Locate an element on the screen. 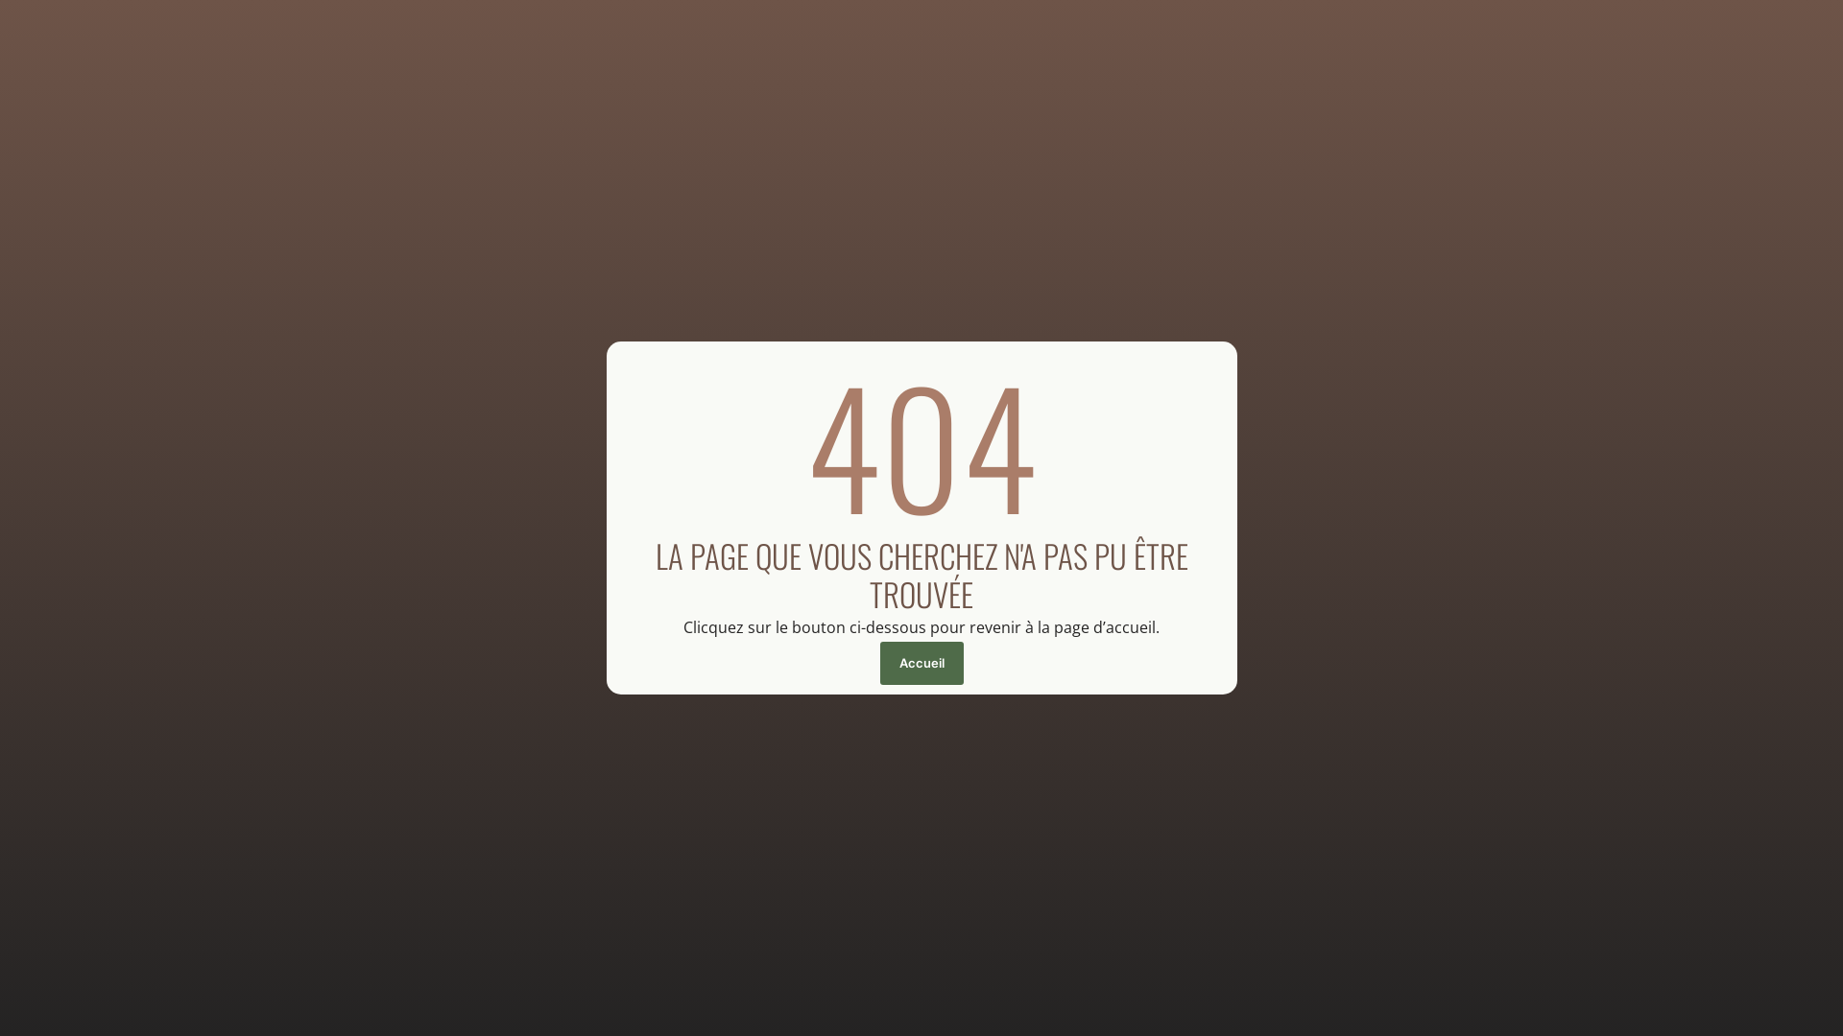  'Accueil' is located at coordinates (878, 662).